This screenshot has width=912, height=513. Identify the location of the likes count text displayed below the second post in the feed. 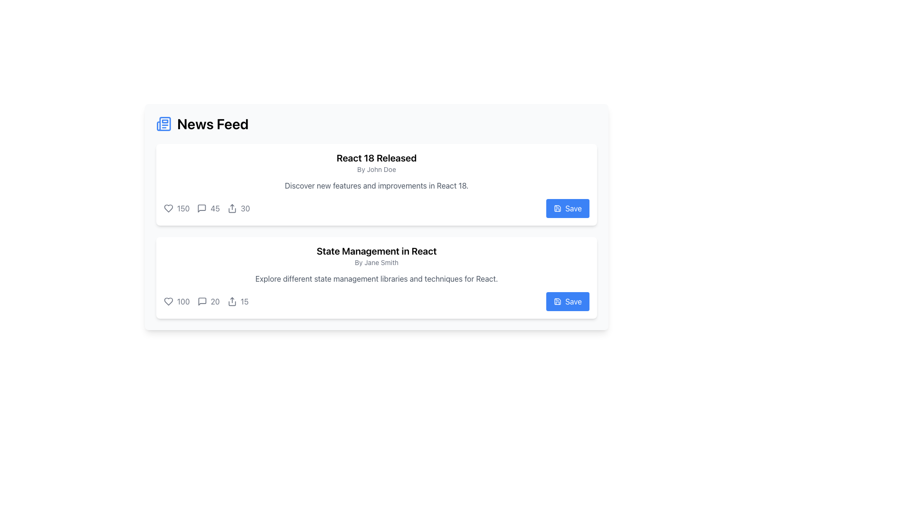
(177, 302).